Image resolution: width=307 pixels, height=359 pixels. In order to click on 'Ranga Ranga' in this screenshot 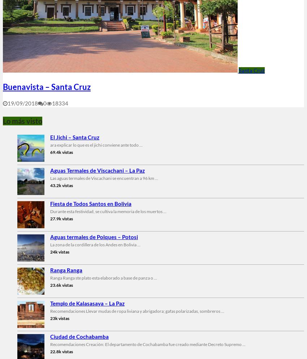, I will do `click(66, 269)`.